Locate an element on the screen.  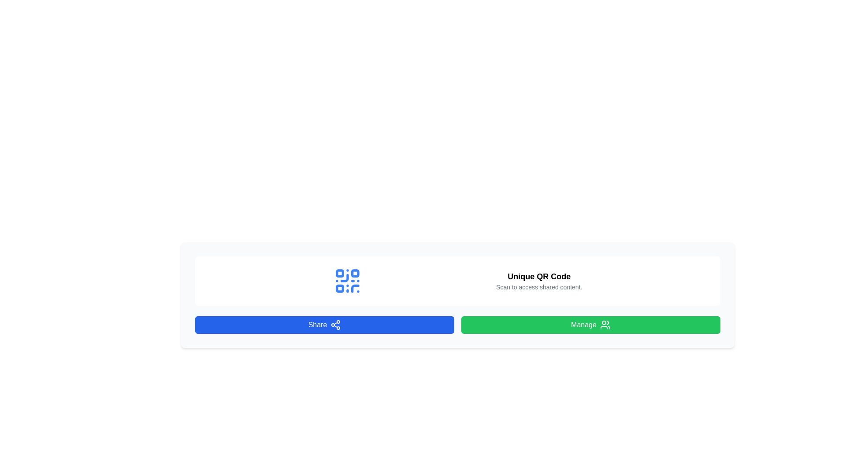
the text label that reads 'Scan is located at coordinates (538, 287).